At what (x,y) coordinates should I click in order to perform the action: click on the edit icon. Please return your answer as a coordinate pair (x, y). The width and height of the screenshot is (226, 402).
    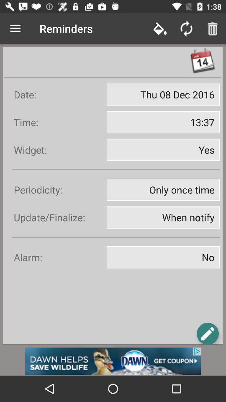
    Looking at the image, I should click on (207, 333).